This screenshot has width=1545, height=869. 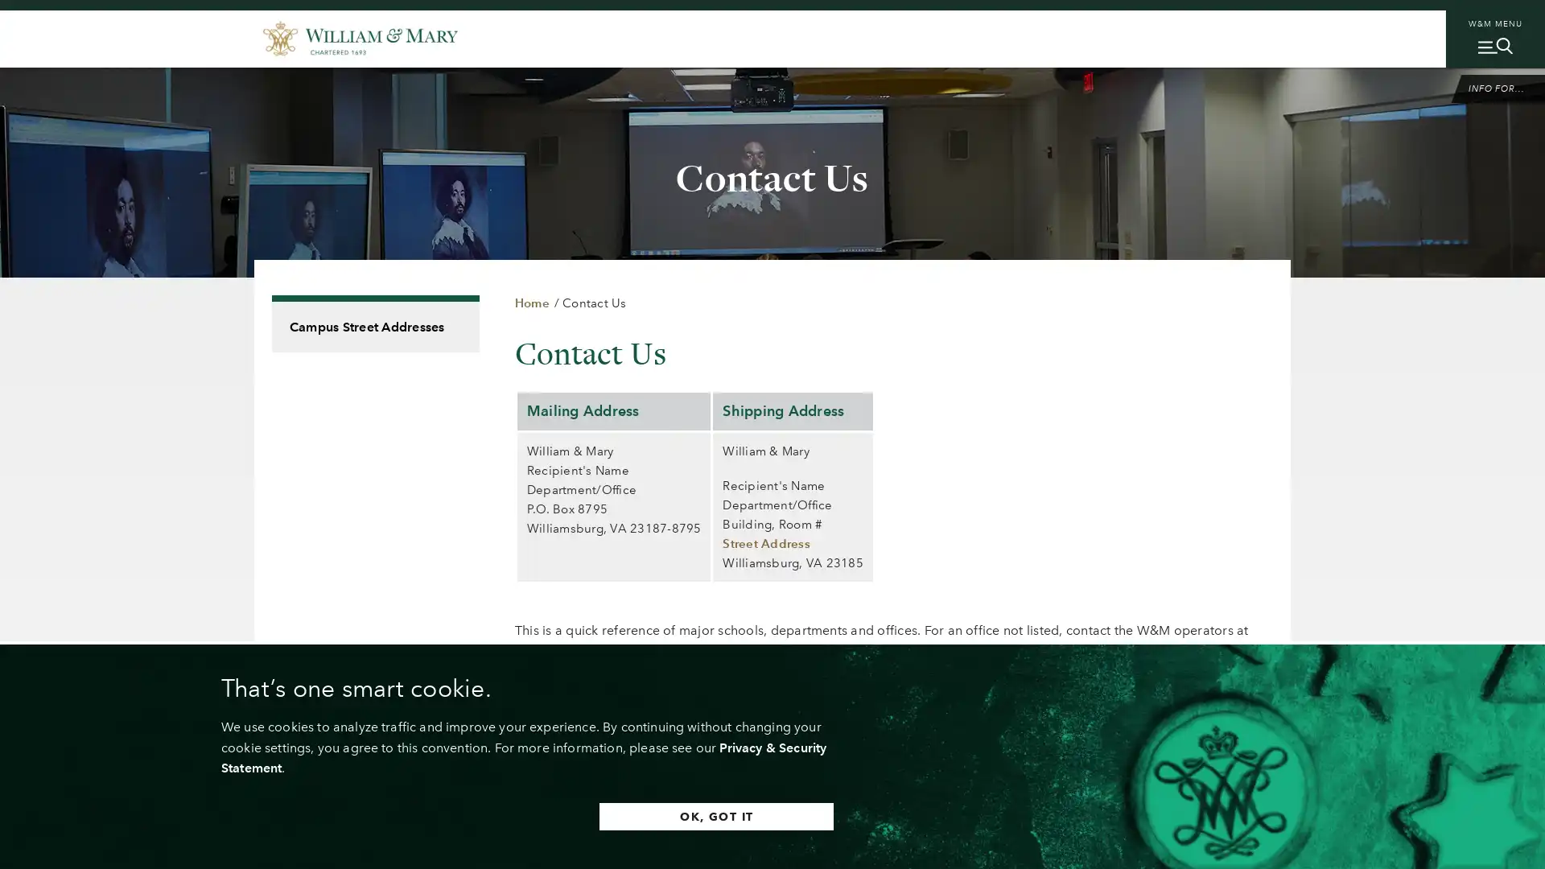 What do you see at coordinates (715, 816) in the screenshot?
I see `OK, GOT IT` at bounding box center [715, 816].